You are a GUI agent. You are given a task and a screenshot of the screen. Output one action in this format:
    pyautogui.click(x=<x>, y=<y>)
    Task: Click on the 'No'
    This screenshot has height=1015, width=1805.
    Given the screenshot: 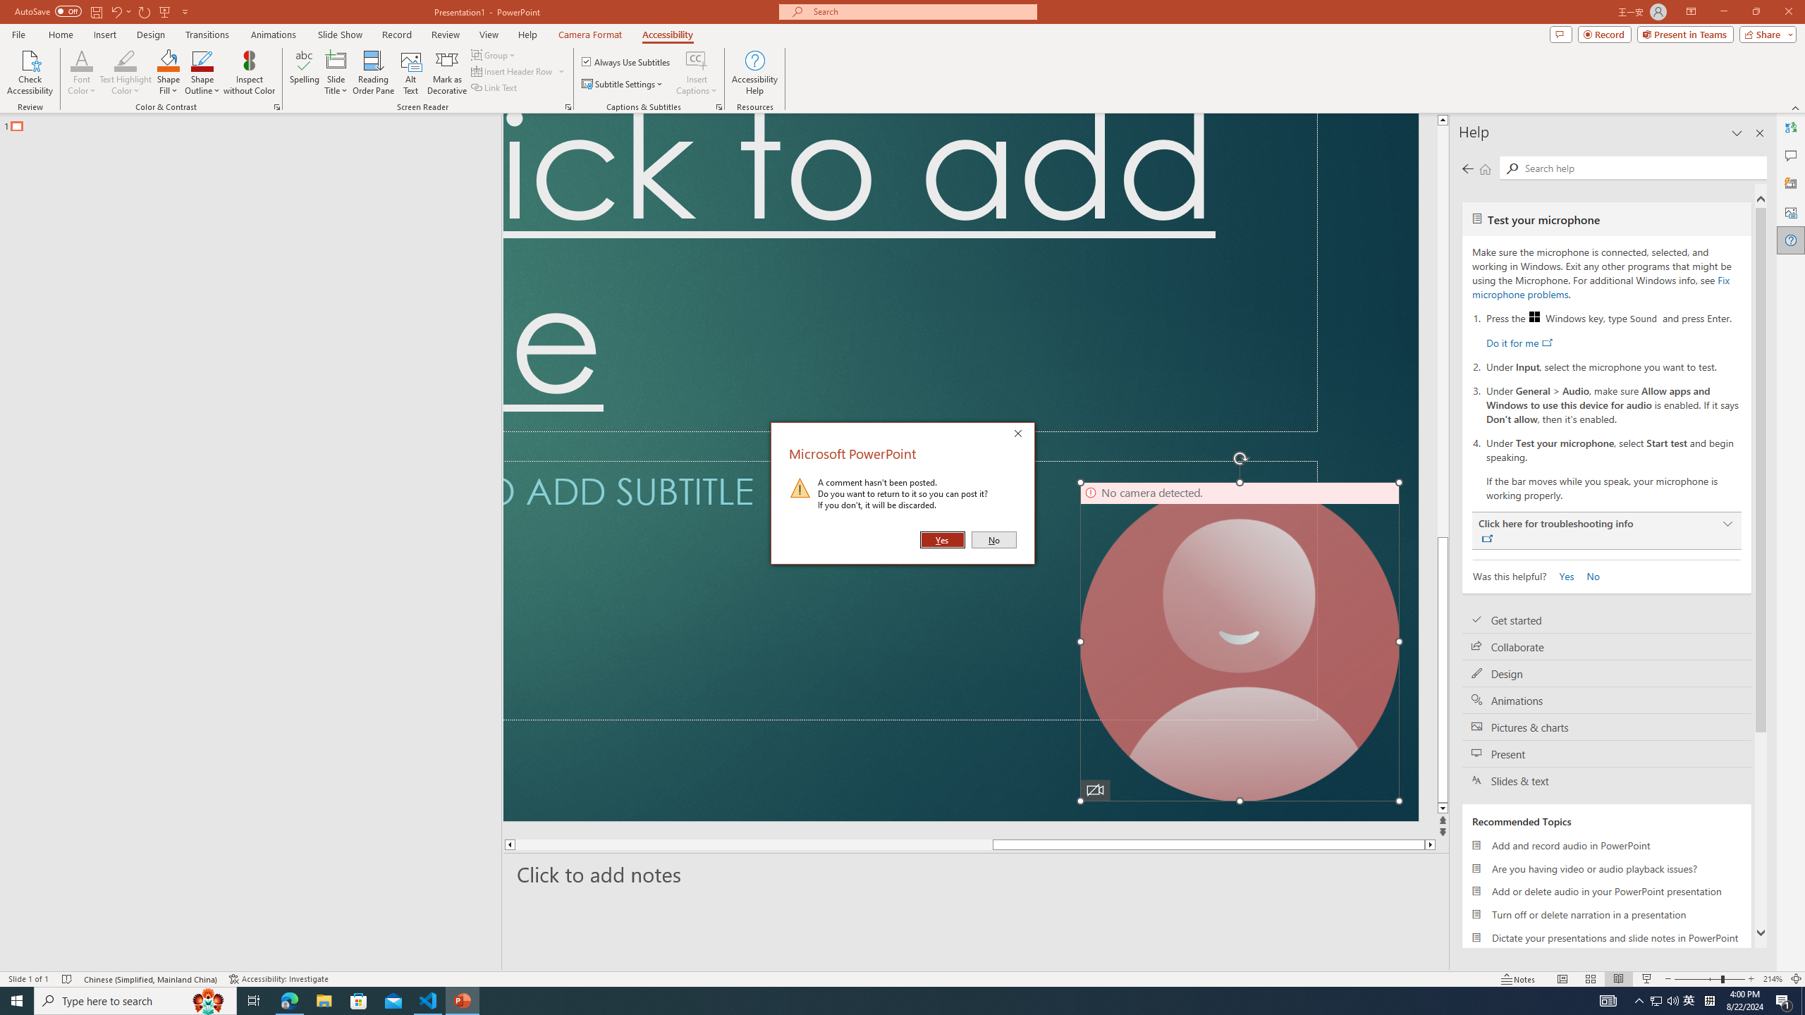 What is the action you would take?
    pyautogui.click(x=993, y=539)
    